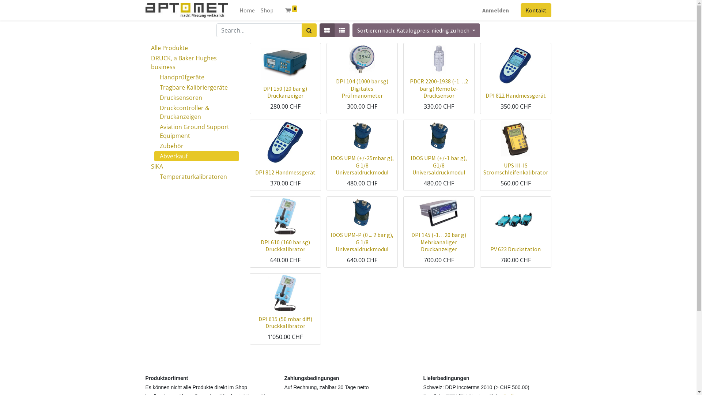 The width and height of the screenshot is (702, 395). What do you see at coordinates (291, 10) in the screenshot?
I see `'0'` at bounding box center [291, 10].